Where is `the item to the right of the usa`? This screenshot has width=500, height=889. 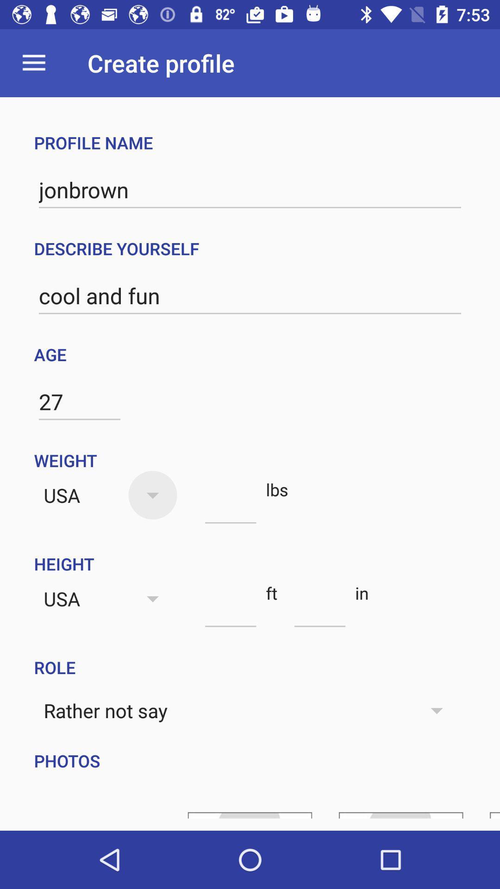 the item to the right of the usa is located at coordinates (230, 506).